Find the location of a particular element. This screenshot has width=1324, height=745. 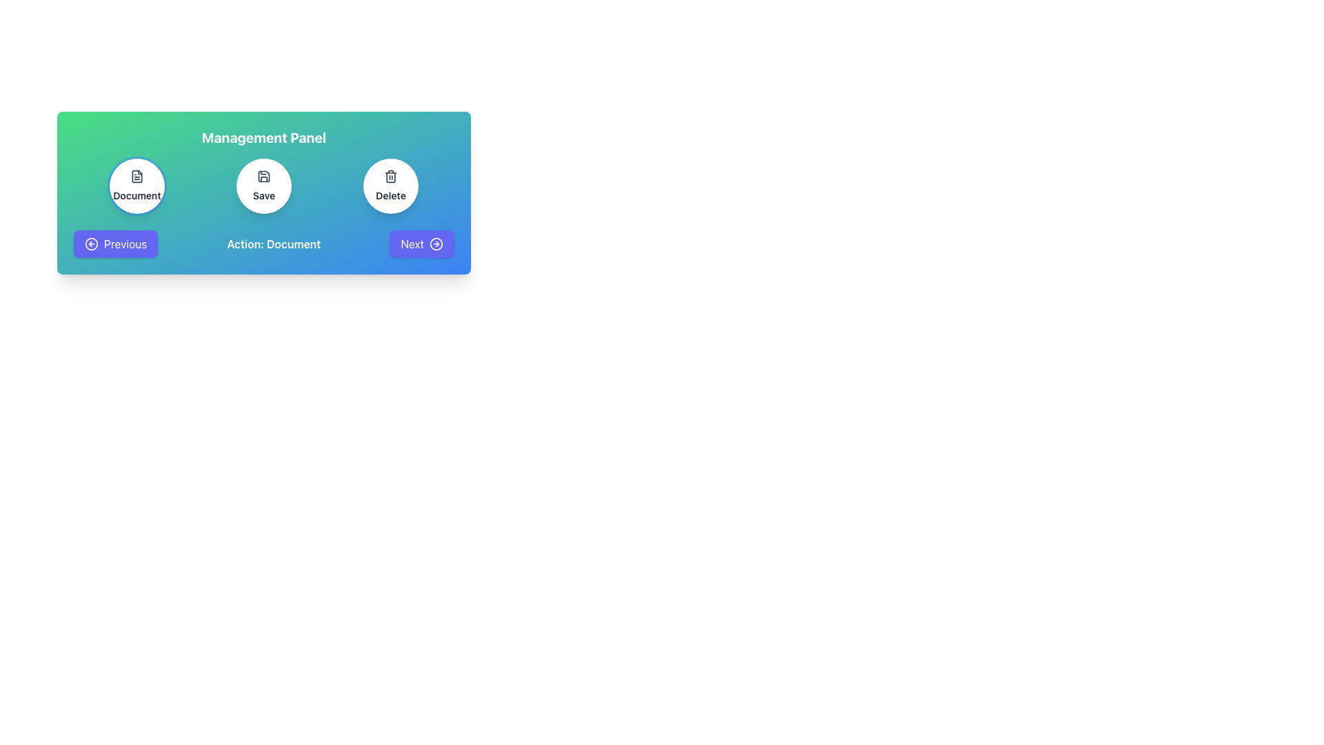

the circular 'Delete' button with a trash can icon located in the Management Panel is located at coordinates (390, 186).